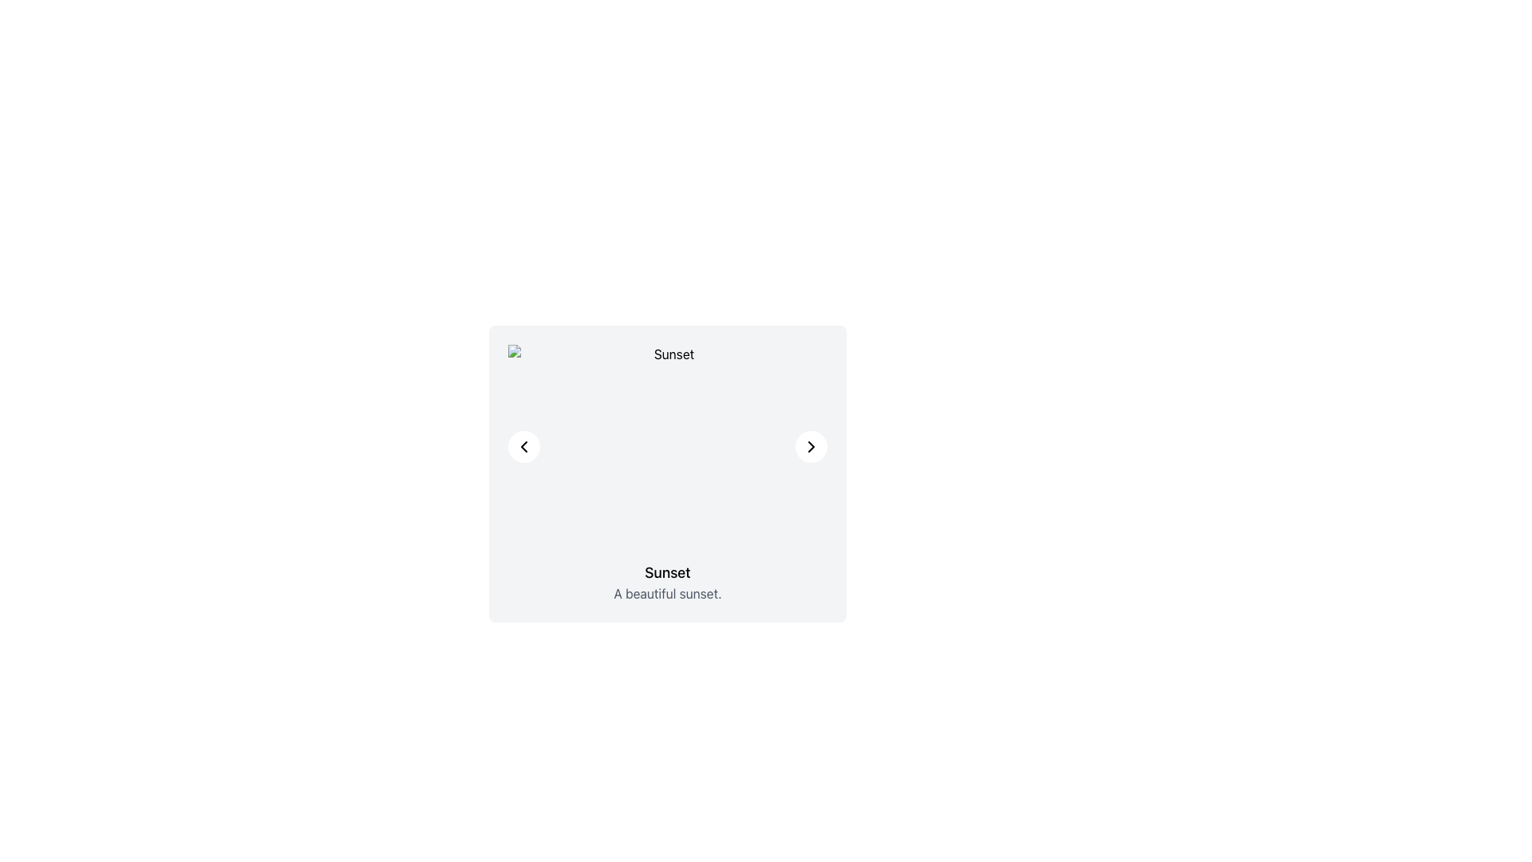 The height and width of the screenshot is (862, 1532). I want to click on the 'previous' button located on the left side of the content area, so click(524, 446).